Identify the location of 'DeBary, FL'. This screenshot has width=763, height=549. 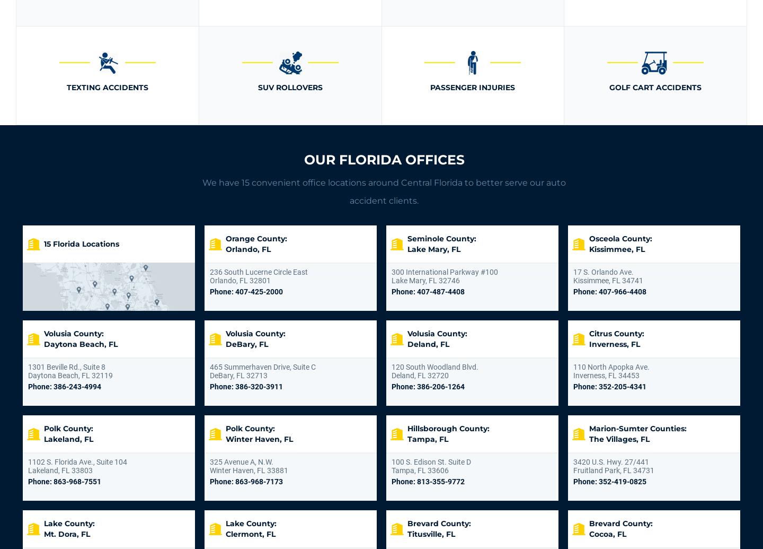
(225, 344).